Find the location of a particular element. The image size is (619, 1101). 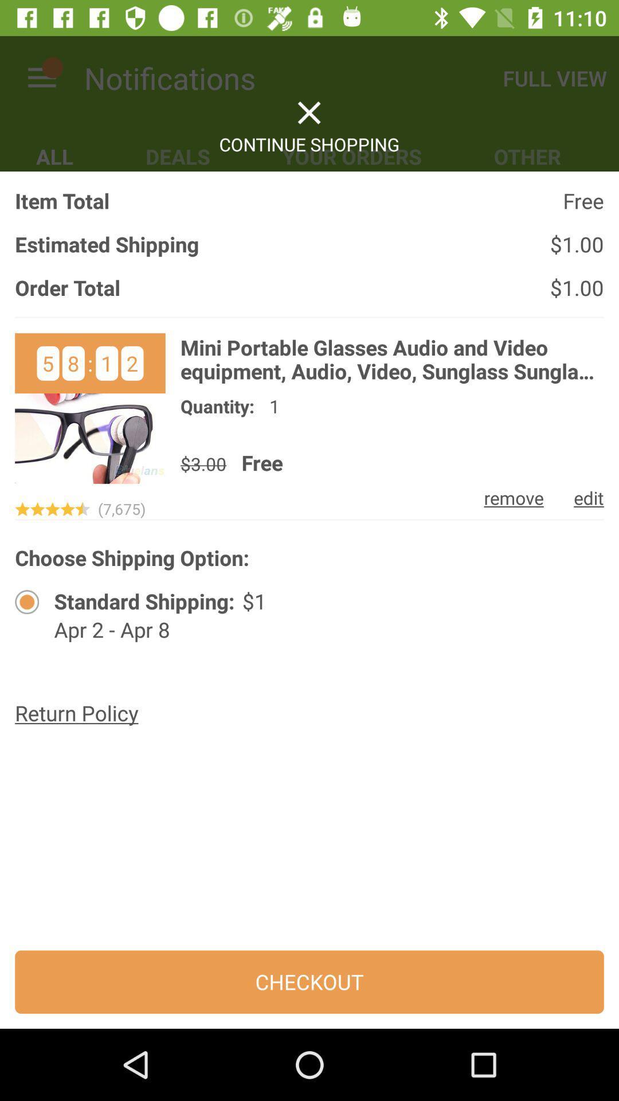

open item picture is located at coordinates (89, 408).